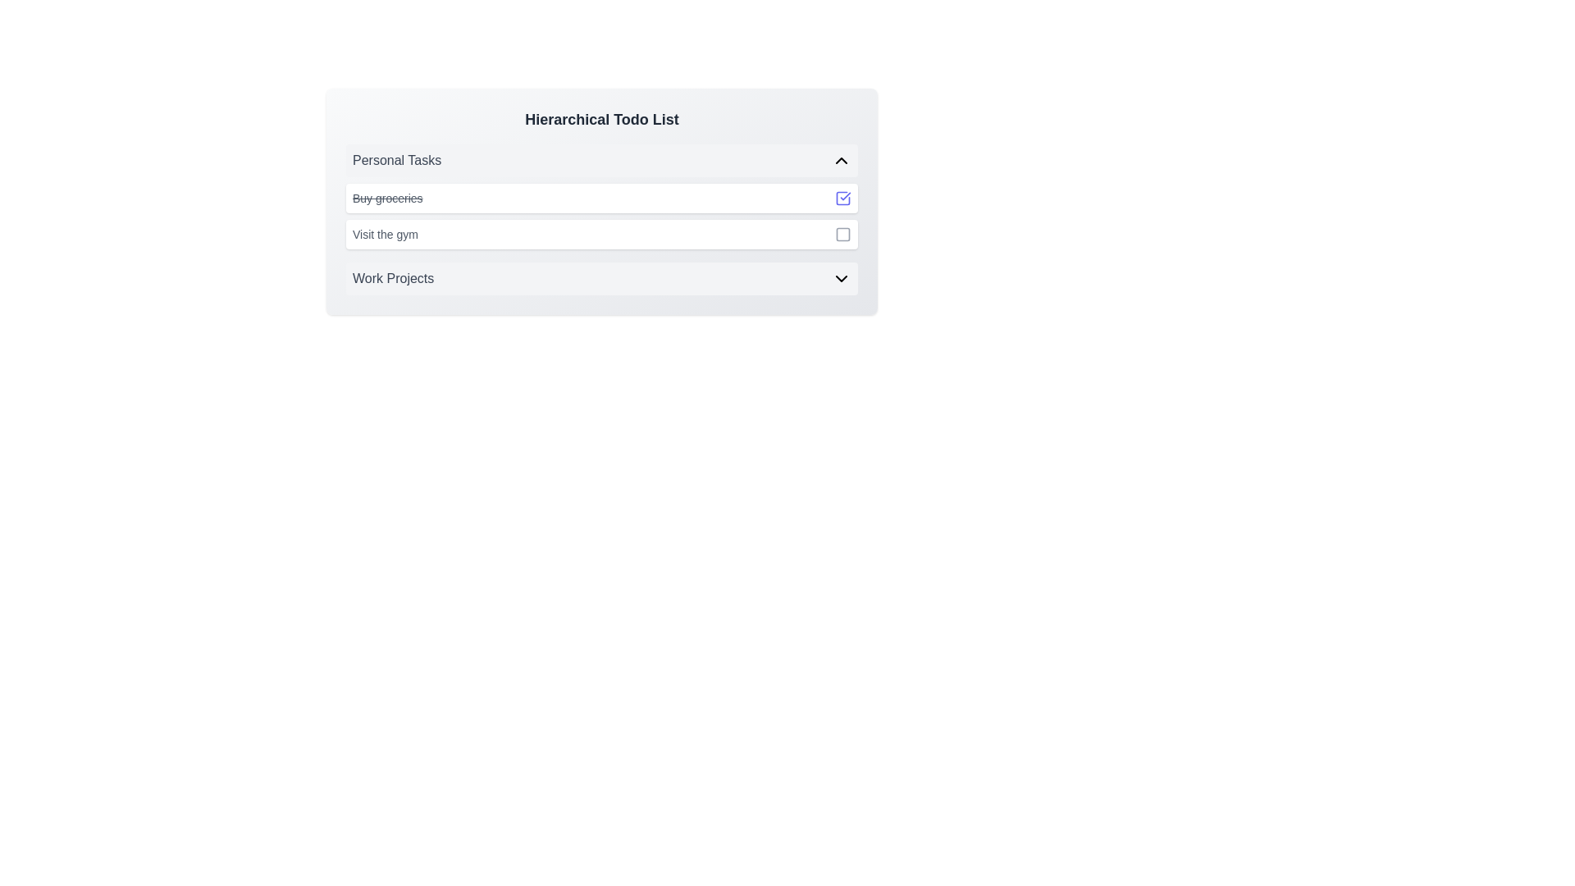 This screenshot has width=1575, height=886. I want to click on the checkbox with a checkmark in the 'Personal Tasks' section, located to the right of 'Buy groceries', so click(842, 198).